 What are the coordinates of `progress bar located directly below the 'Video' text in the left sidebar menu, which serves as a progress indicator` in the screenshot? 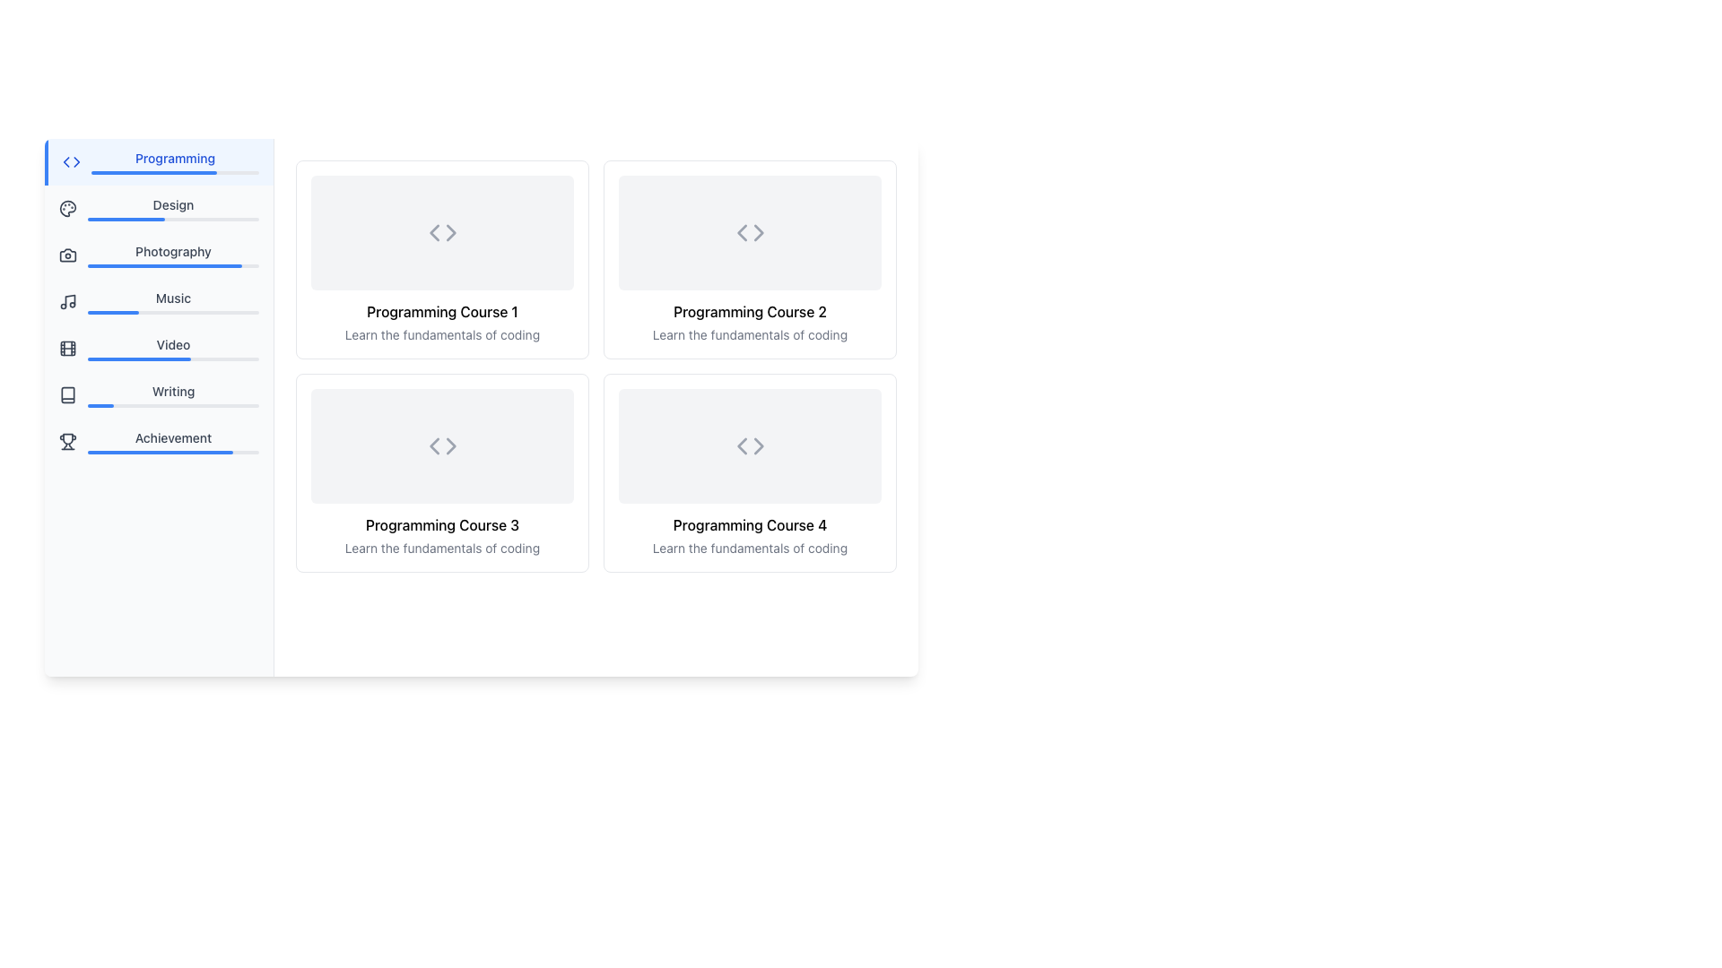 It's located at (173, 359).